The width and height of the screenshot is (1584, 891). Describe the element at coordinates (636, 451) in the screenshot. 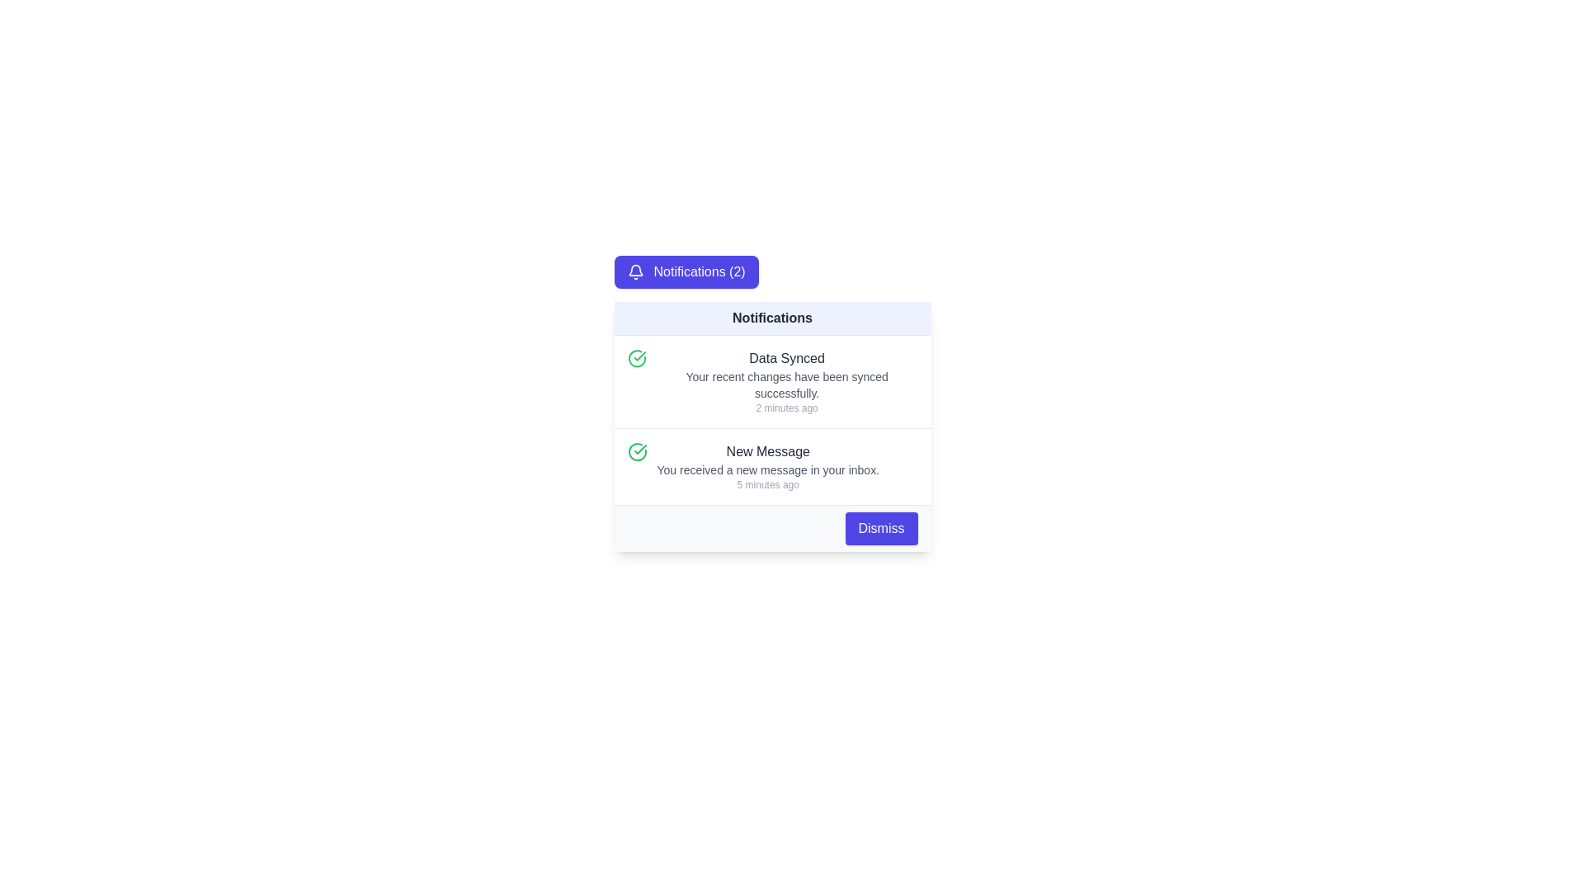

I see `the circular green checkmark icon within the second notification item titled 'New Message'` at that location.